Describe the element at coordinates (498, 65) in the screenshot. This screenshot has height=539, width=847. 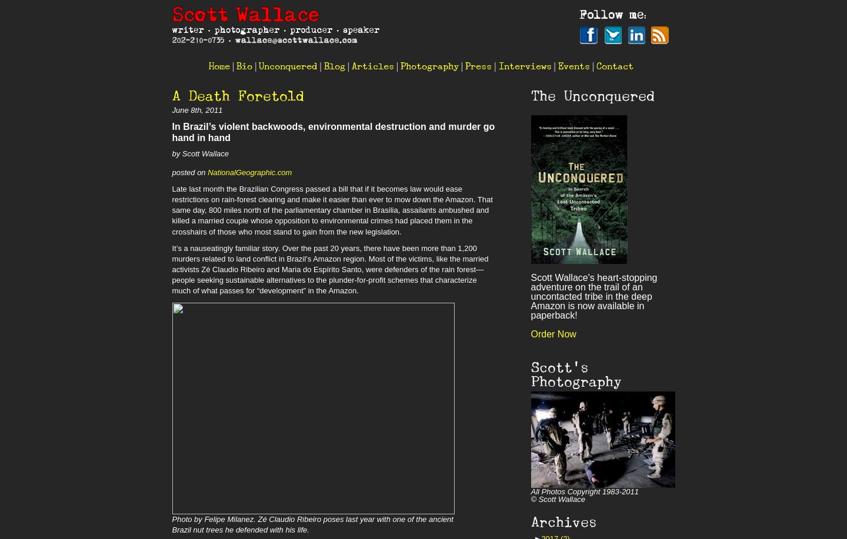
I see `'Interviews'` at that location.